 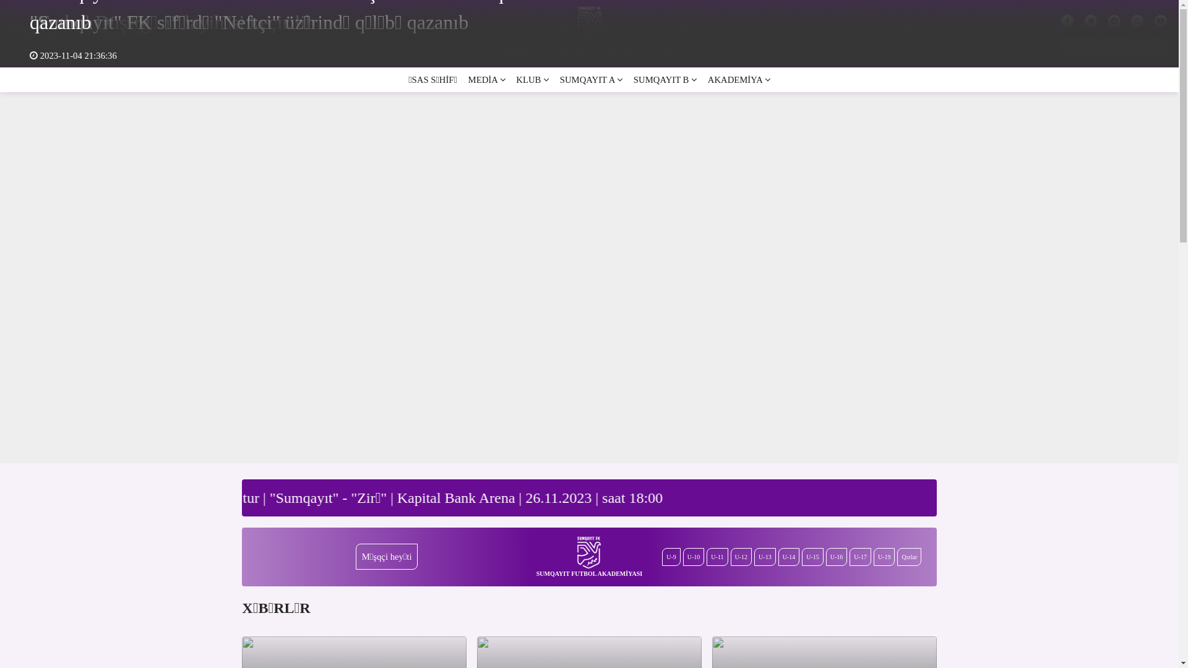 I want to click on 'U-13', so click(x=754, y=557).